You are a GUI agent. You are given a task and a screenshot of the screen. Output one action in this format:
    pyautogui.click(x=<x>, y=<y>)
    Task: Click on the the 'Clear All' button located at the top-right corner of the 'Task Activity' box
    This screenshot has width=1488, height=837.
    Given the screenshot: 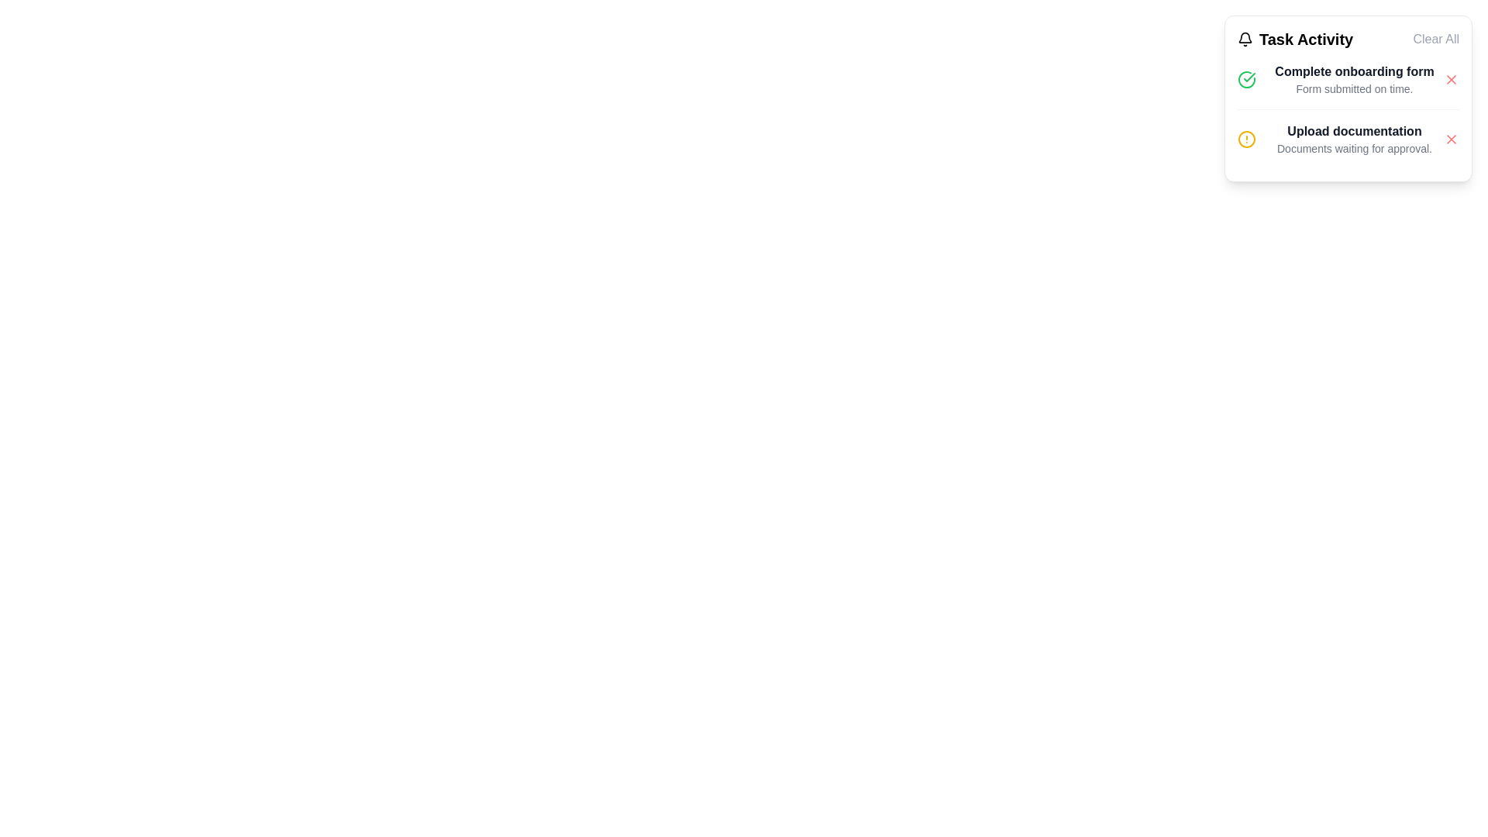 What is the action you would take?
    pyautogui.click(x=1435, y=38)
    